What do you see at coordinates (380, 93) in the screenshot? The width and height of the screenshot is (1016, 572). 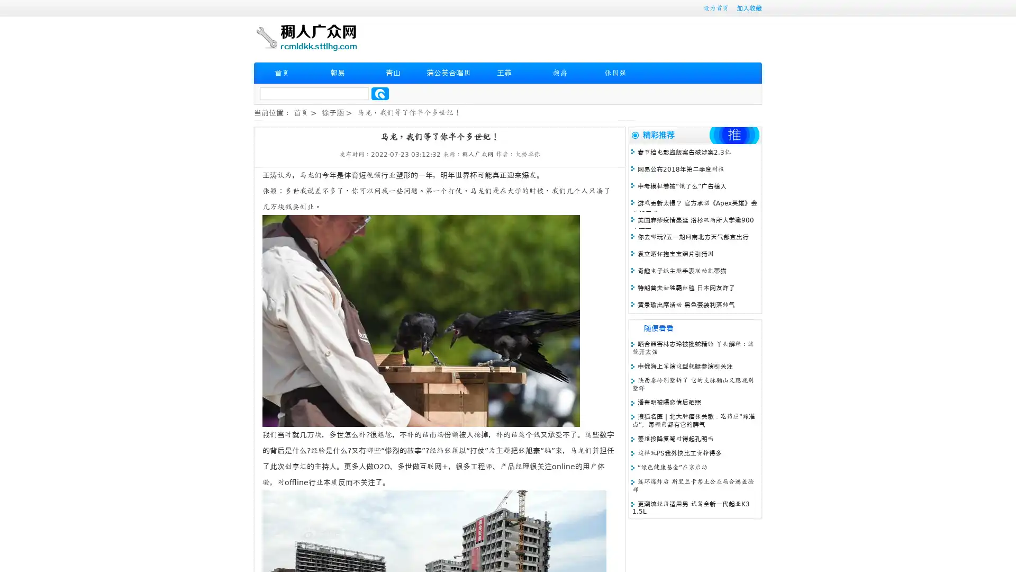 I see `Search` at bounding box center [380, 93].